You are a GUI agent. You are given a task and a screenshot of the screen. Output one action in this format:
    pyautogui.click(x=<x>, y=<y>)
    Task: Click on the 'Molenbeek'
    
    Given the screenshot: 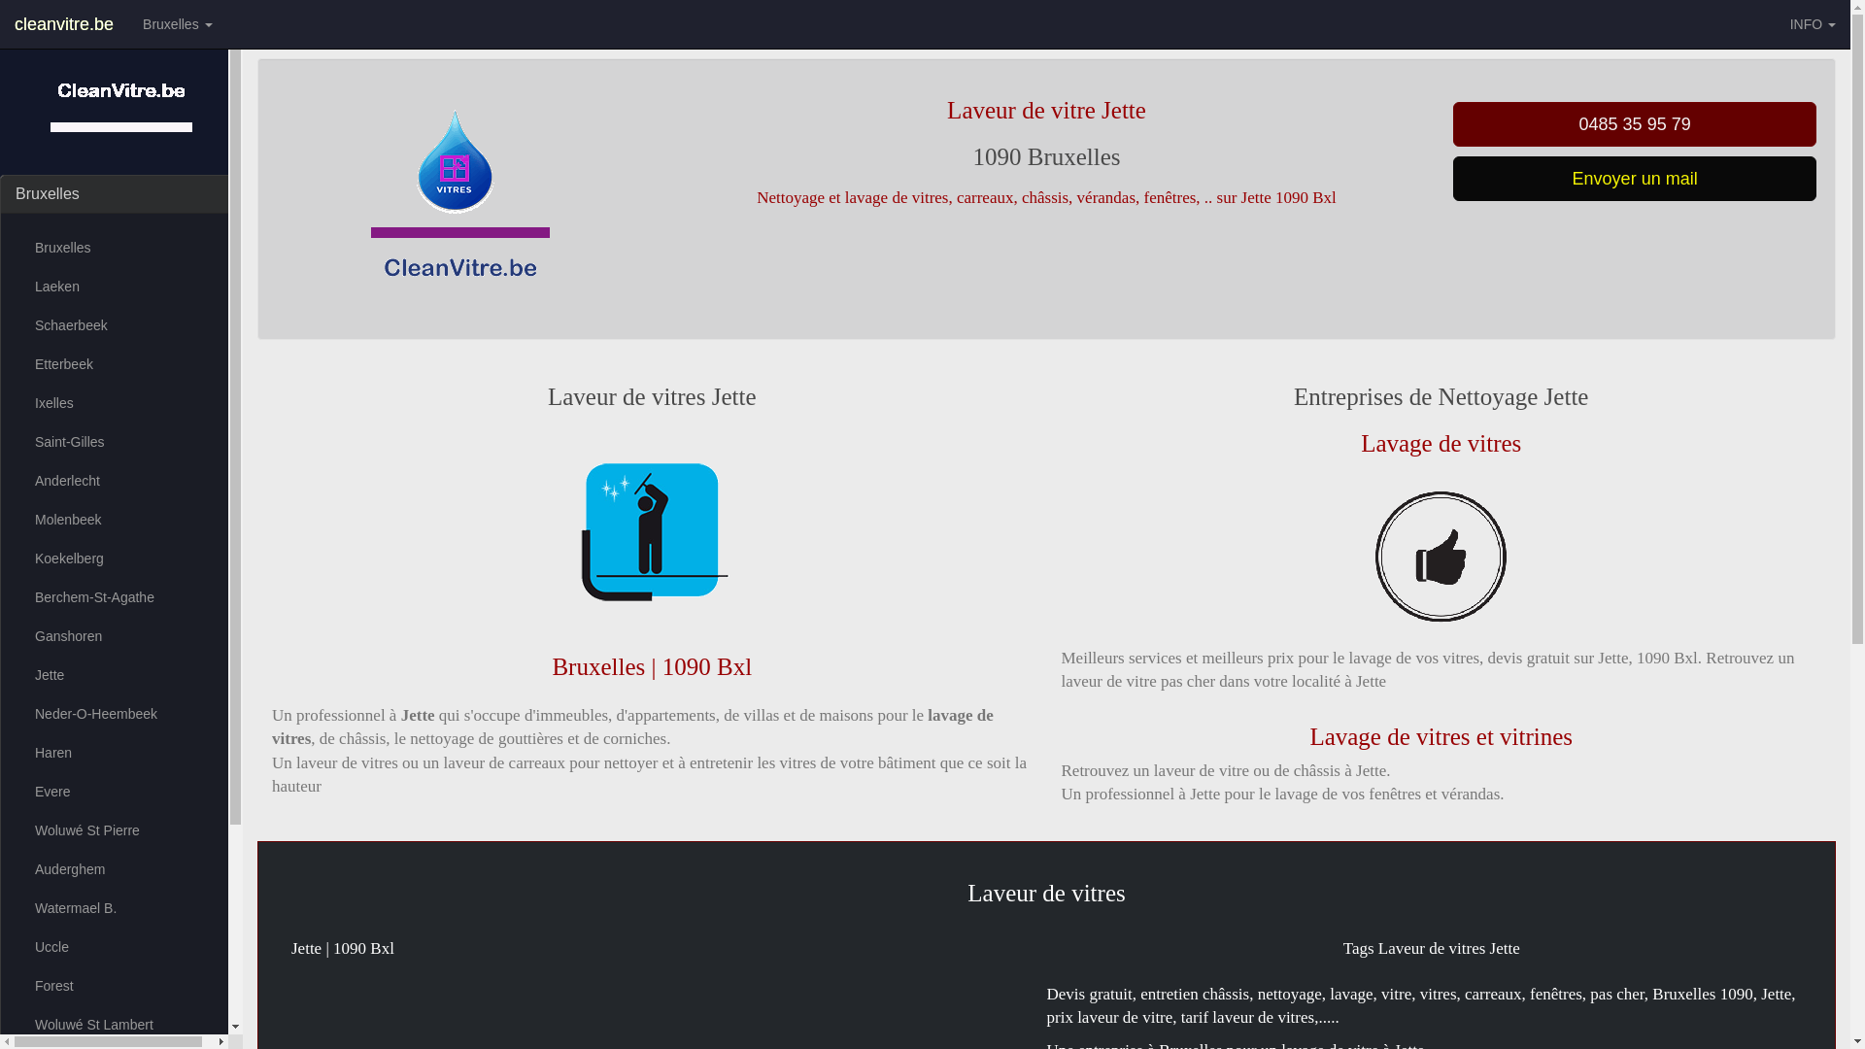 What is the action you would take?
    pyautogui.click(x=119, y=519)
    